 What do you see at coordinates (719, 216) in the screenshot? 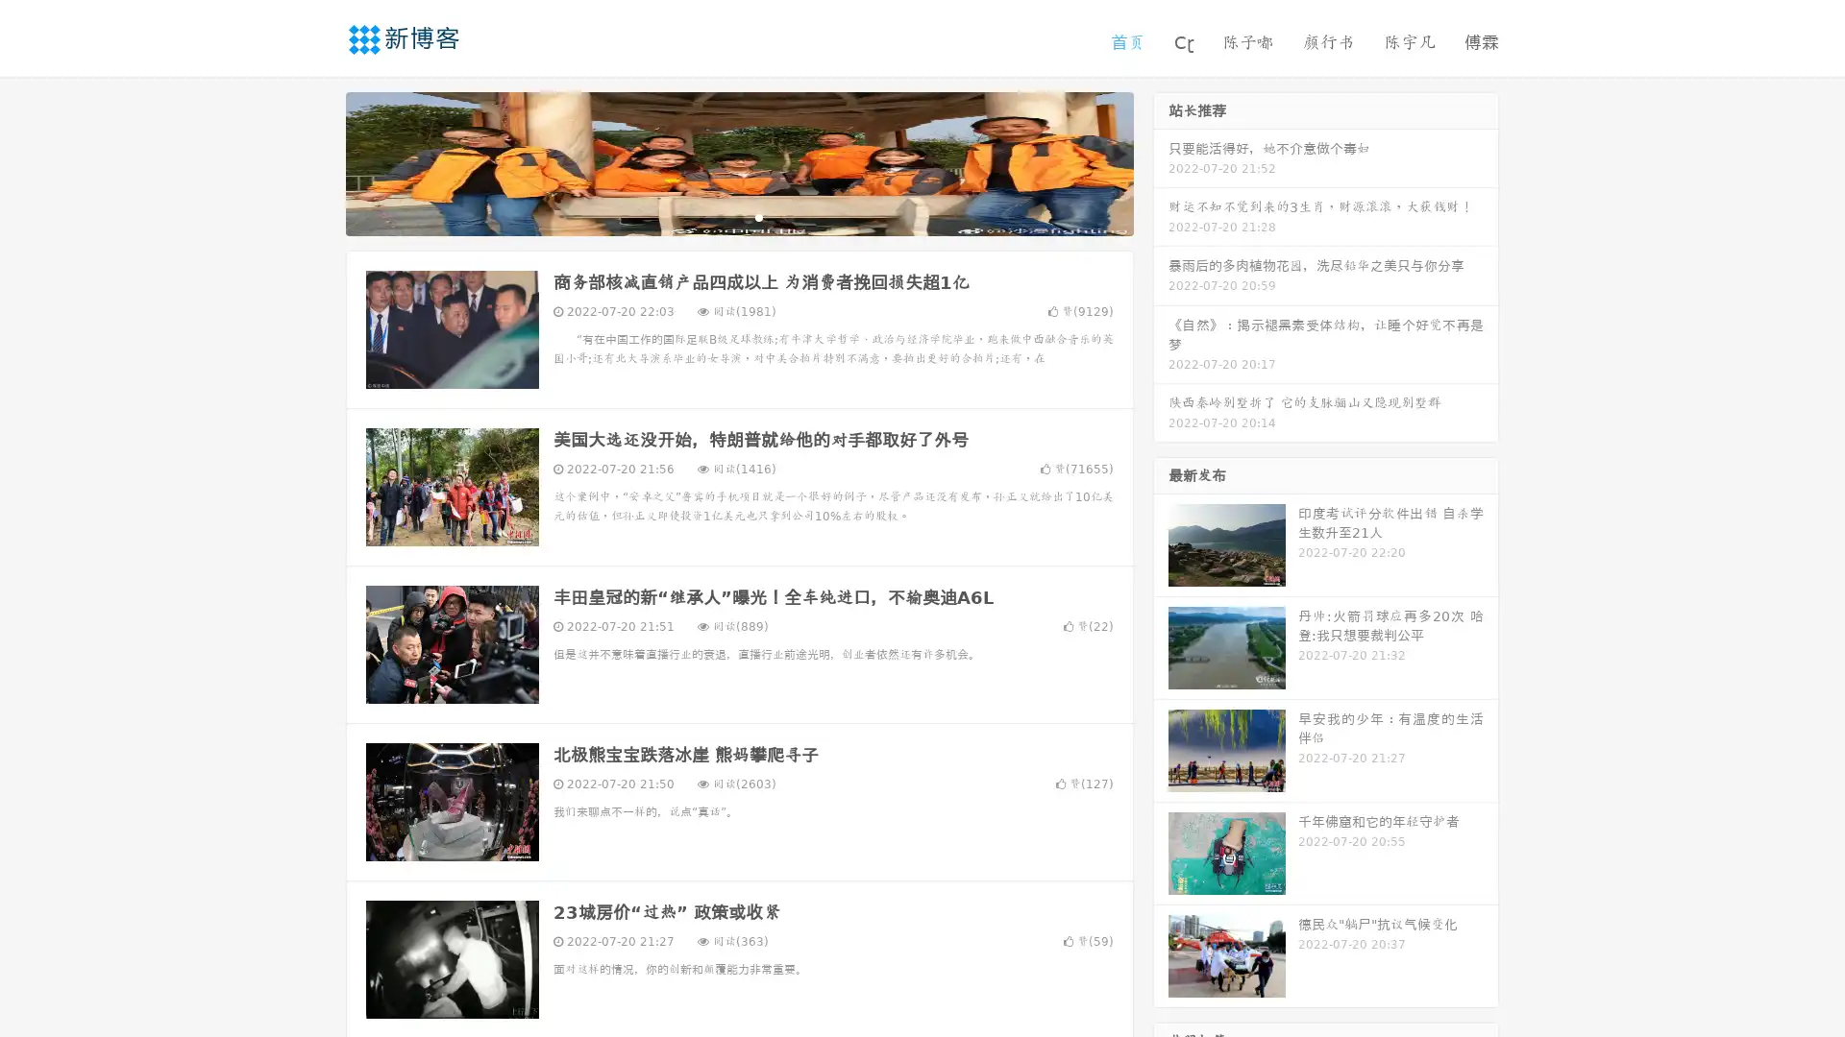
I see `Go to slide 1` at bounding box center [719, 216].